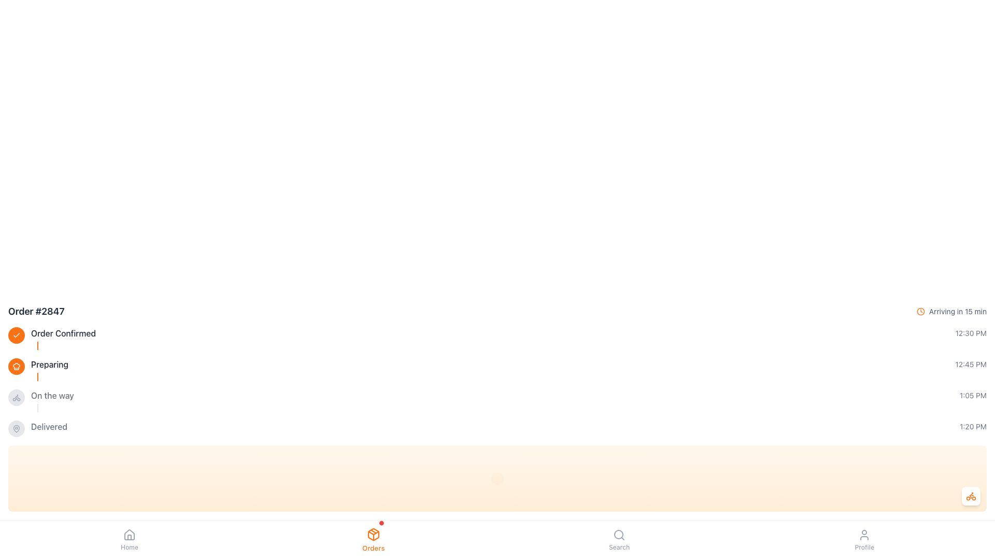  Describe the element at coordinates (52, 396) in the screenshot. I see `the status indicator Text label for the delivery process located under 'Preparing' and above 'Delivered', associated with the bicycle icon` at that location.